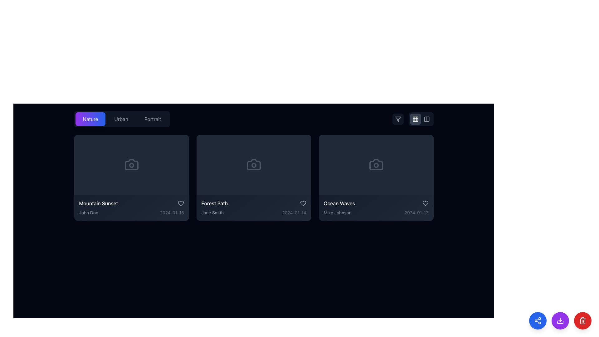 The width and height of the screenshot is (599, 337). What do you see at coordinates (131, 178) in the screenshot?
I see `the Content card located in the upper-left corner of the grid layout` at bounding box center [131, 178].